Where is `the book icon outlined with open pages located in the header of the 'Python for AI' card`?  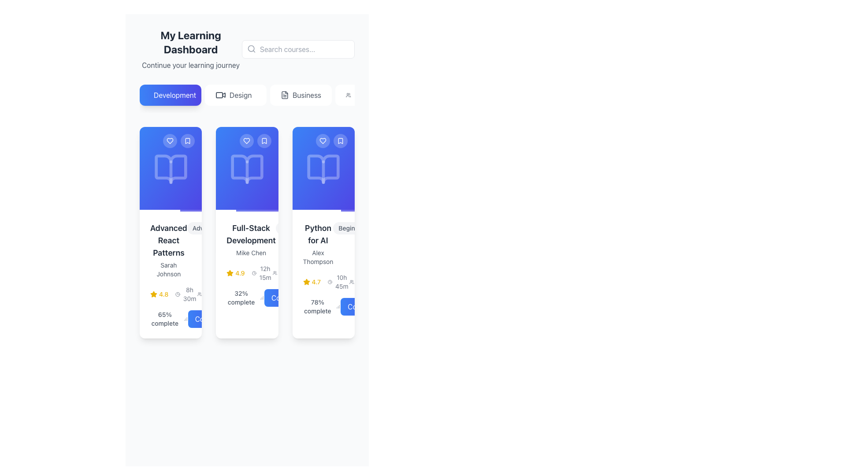
the book icon outlined with open pages located in the header of the 'Python for AI' card is located at coordinates (323, 169).